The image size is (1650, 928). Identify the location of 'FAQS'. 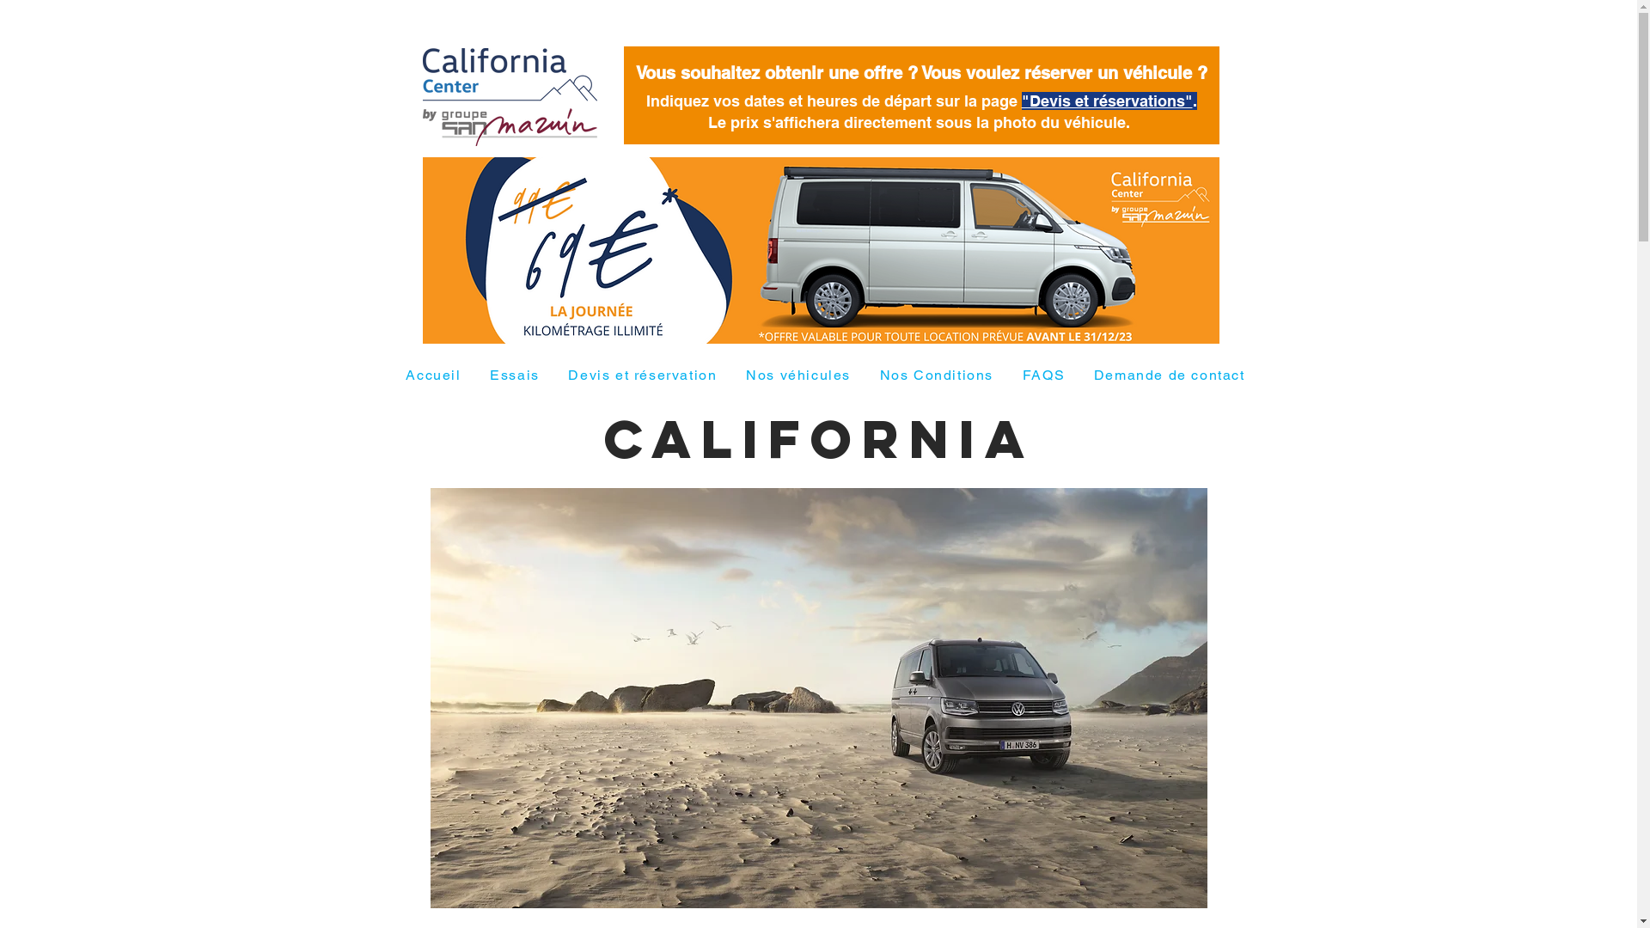
(1042, 375).